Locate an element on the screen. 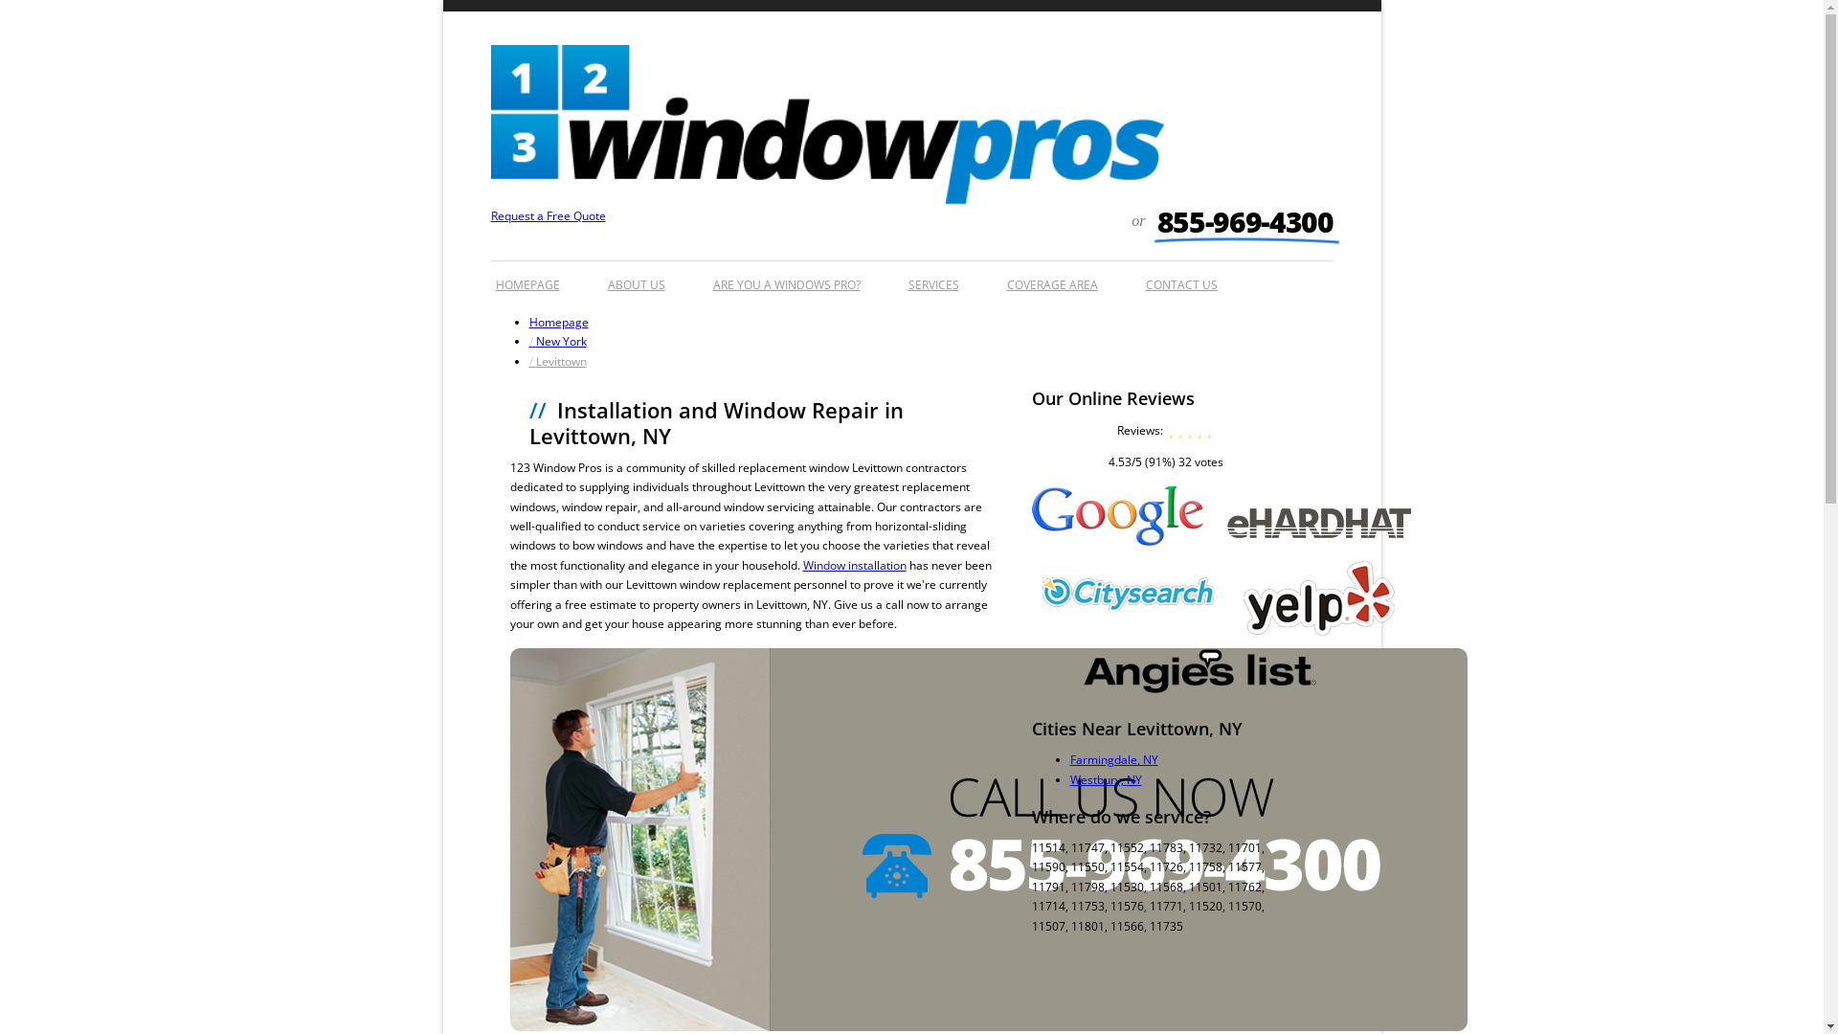 This screenshot has height=1034, width=1838. 'HOMEPAGE' is located at coordinates (527, 280).